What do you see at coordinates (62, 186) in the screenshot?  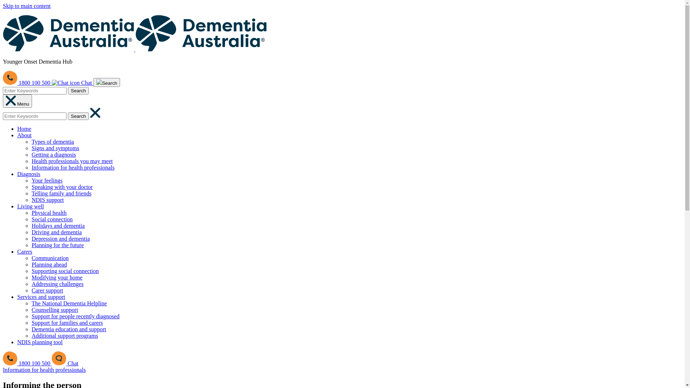 I see `'Speaking with your doctor'` at bounding box center [62, 186].